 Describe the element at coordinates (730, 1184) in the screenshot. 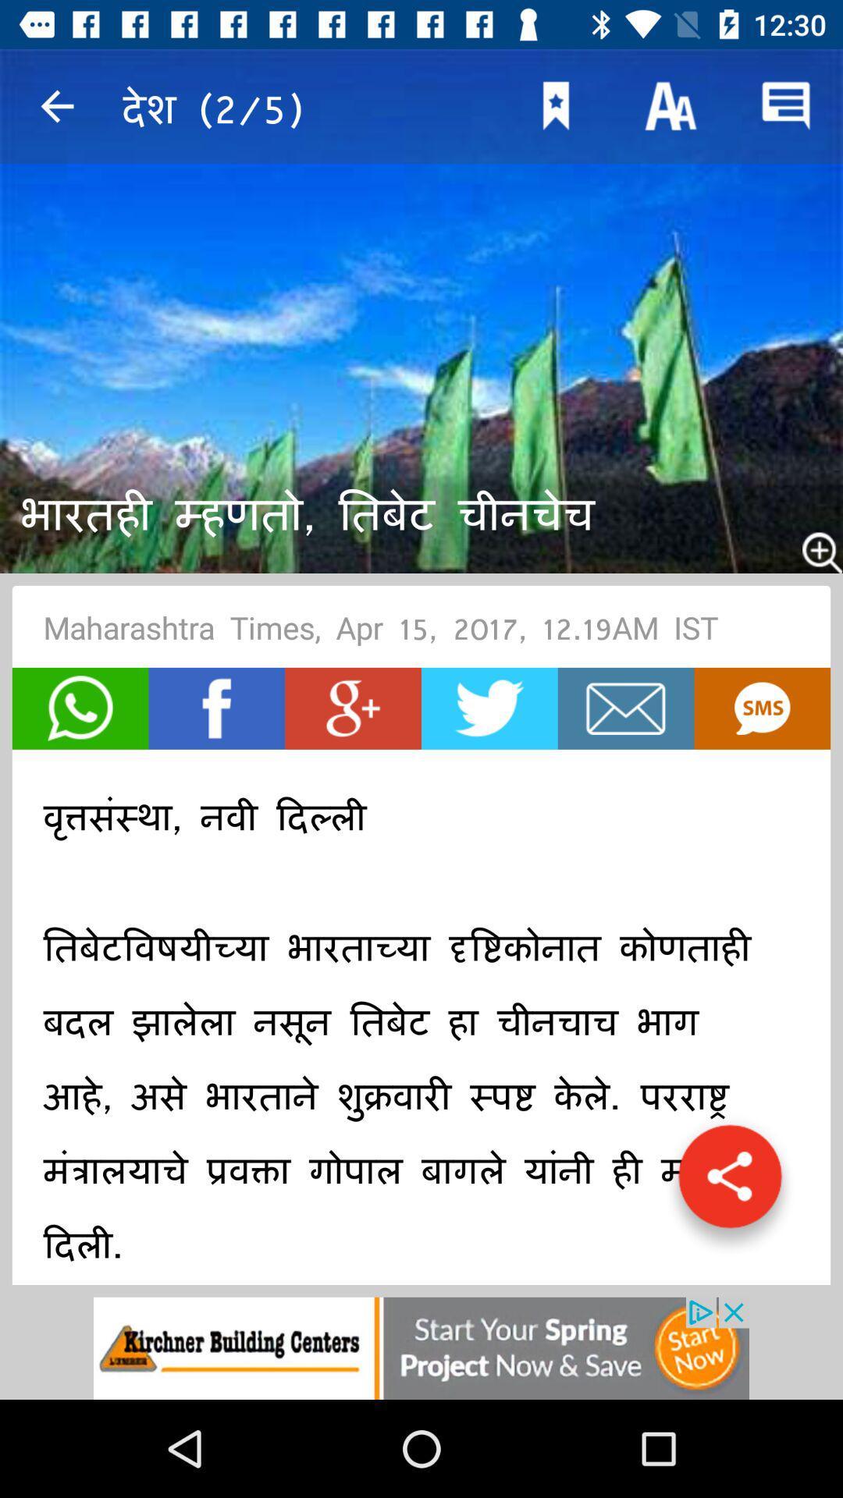

I see `the share icon` at that location.